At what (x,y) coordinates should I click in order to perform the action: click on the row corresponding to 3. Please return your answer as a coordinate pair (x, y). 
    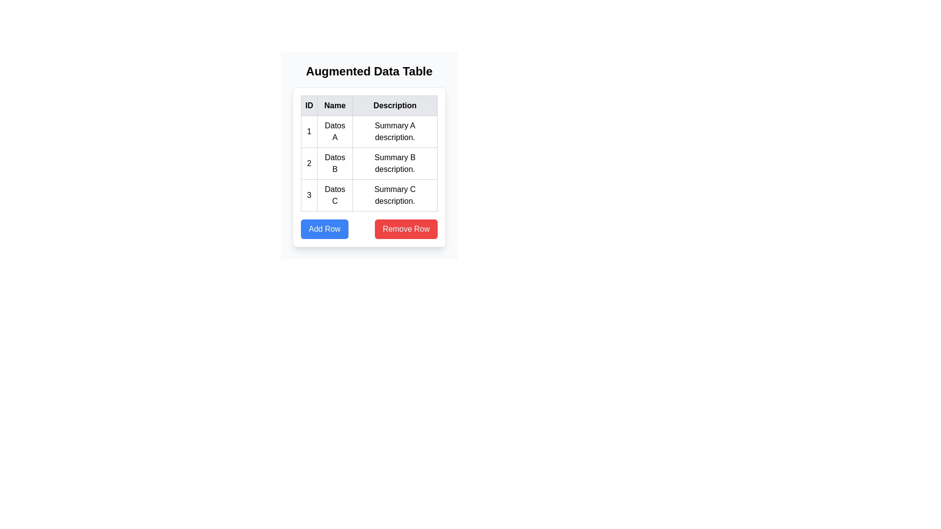
    Looking at the image, I should click on (369, 195).